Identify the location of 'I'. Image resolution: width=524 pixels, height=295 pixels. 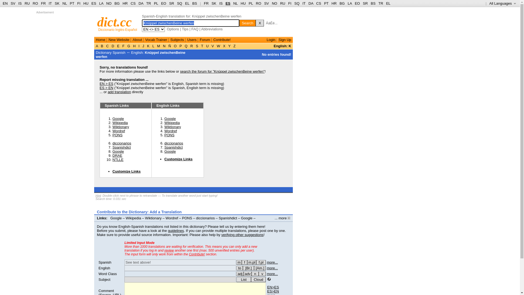
(138, 46).